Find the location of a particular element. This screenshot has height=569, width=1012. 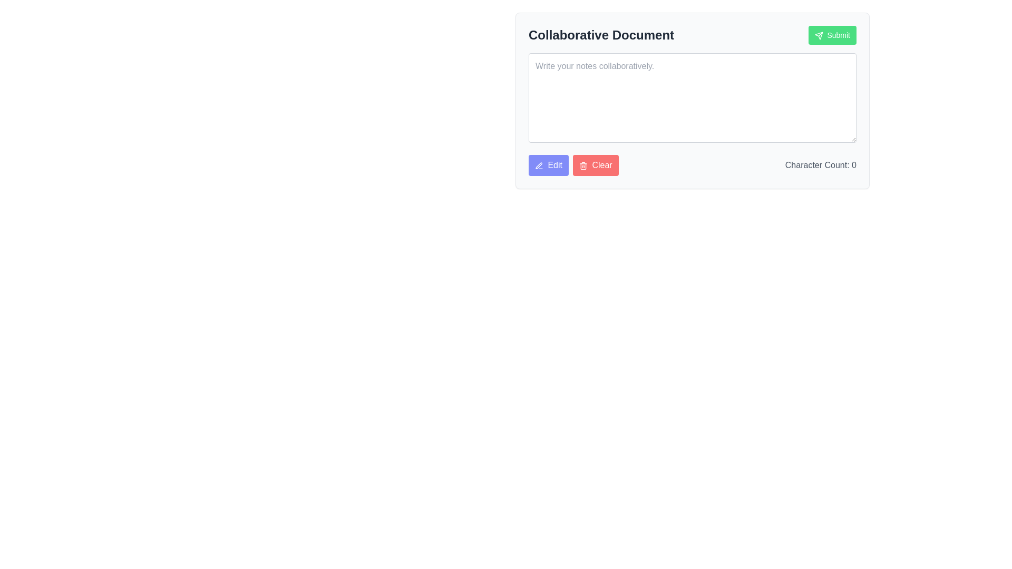

the editing icon located in the toolbar next to the text input area is located at coordinates (539, 165).